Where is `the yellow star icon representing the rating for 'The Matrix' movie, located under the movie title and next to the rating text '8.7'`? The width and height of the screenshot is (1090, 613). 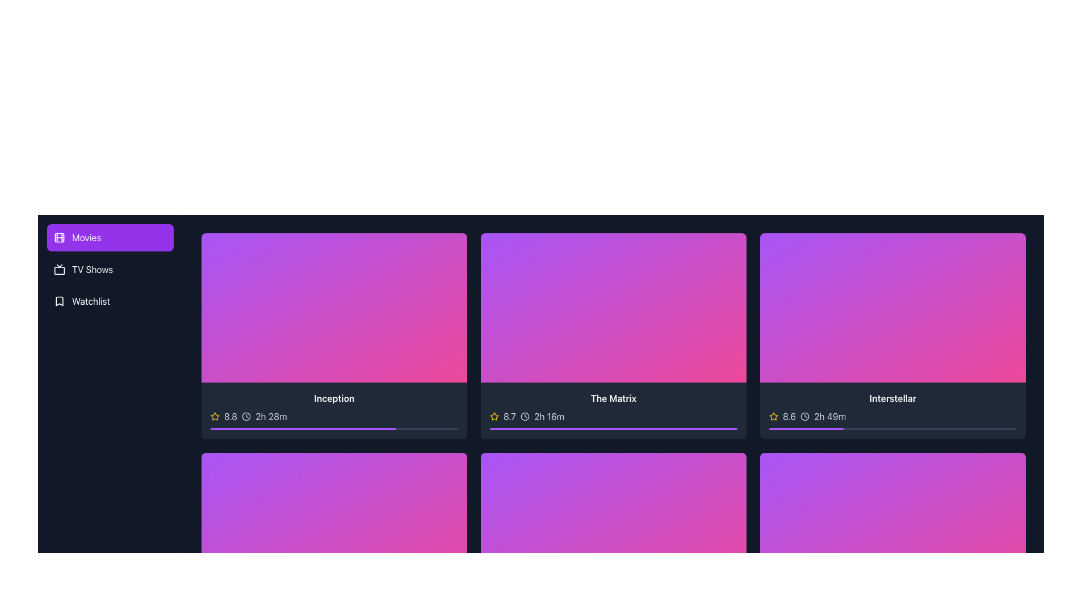
the yellow star icon representing the rating for 'The Matrix' movie, located under the movie title and next to the rating text '8.7' is located at coordinates (494, 416).